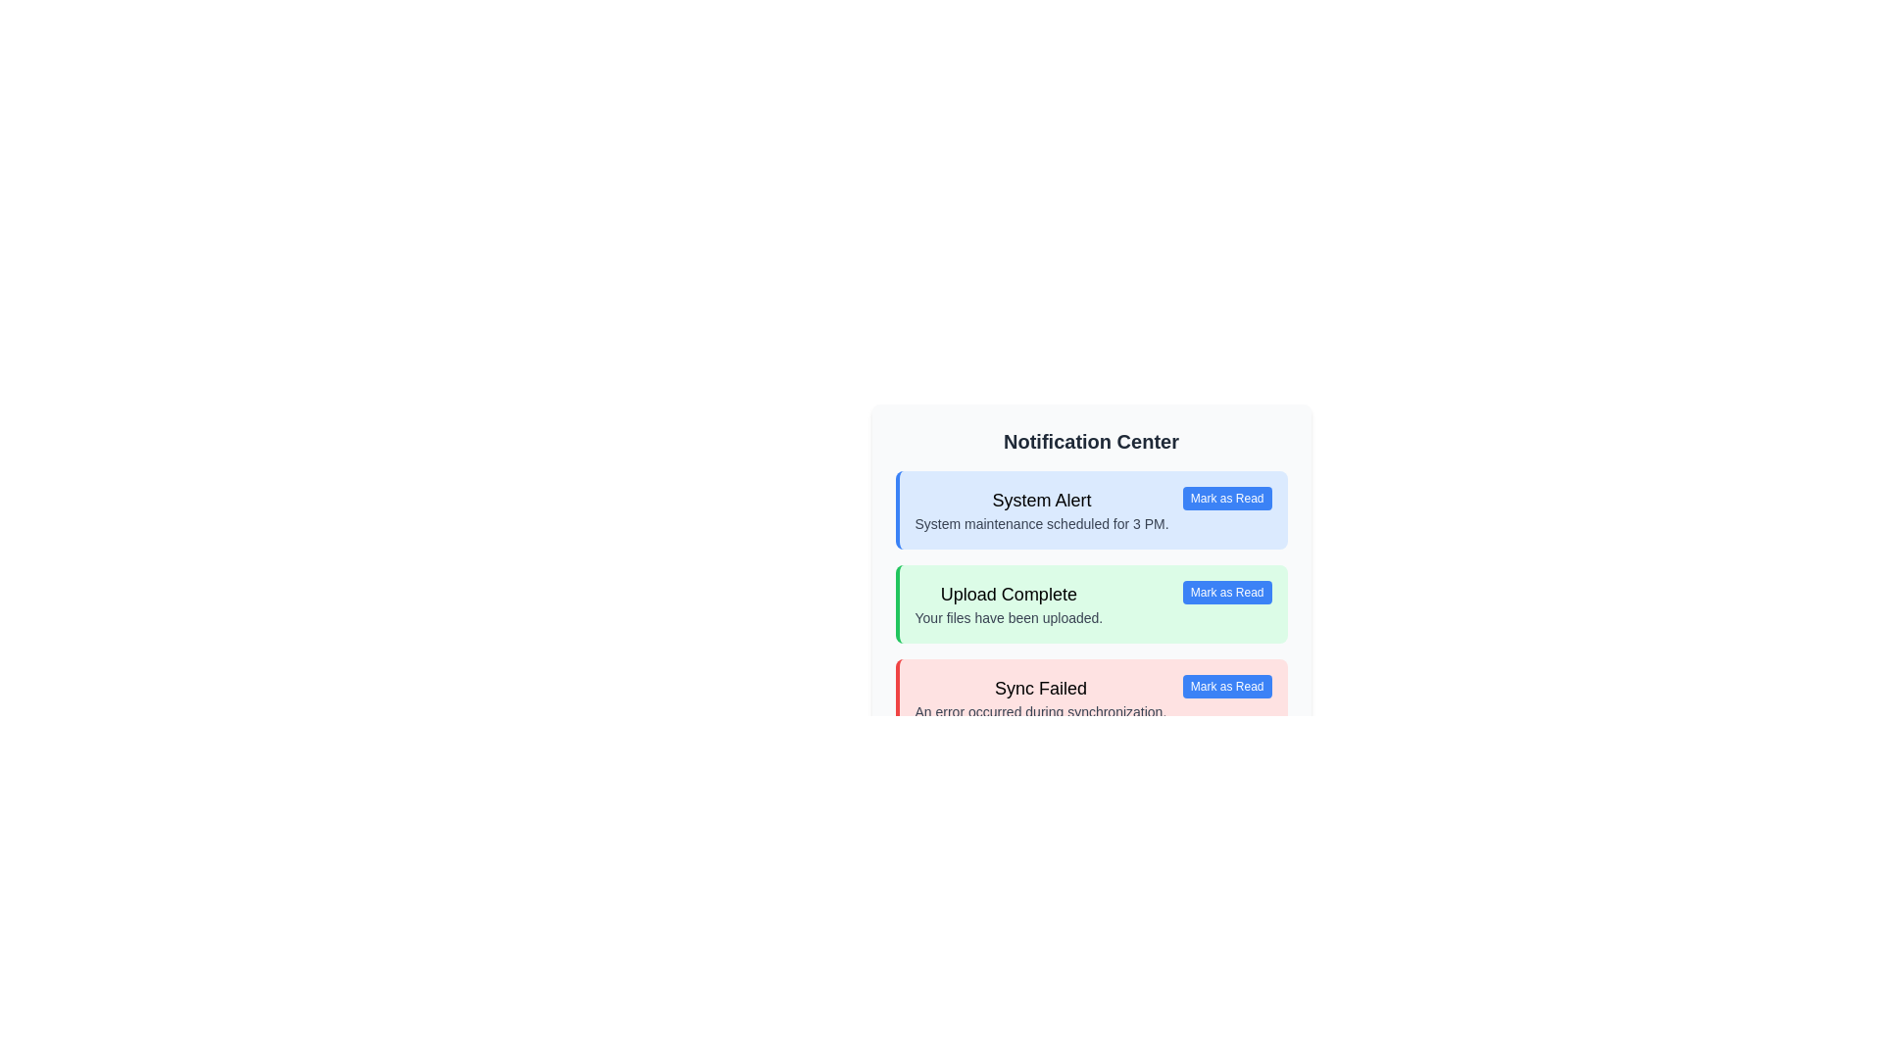  What do you see at coordinates (1090, 442) in the screenshot?
I see `the 'Notification Center' title text at the top of the notification center` at bounding box center [1090, 442].